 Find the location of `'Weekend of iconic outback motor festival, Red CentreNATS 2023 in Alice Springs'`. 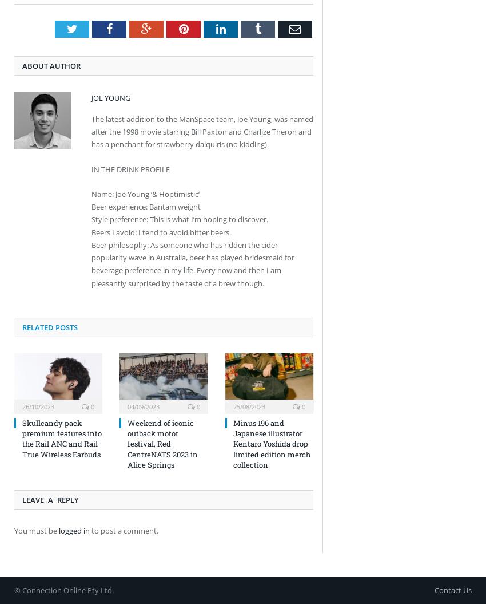

'Weekend of iconic outback motor festival, Red CentreNATS 2023 in Alice Springs' is located at coordinates (162, 443).